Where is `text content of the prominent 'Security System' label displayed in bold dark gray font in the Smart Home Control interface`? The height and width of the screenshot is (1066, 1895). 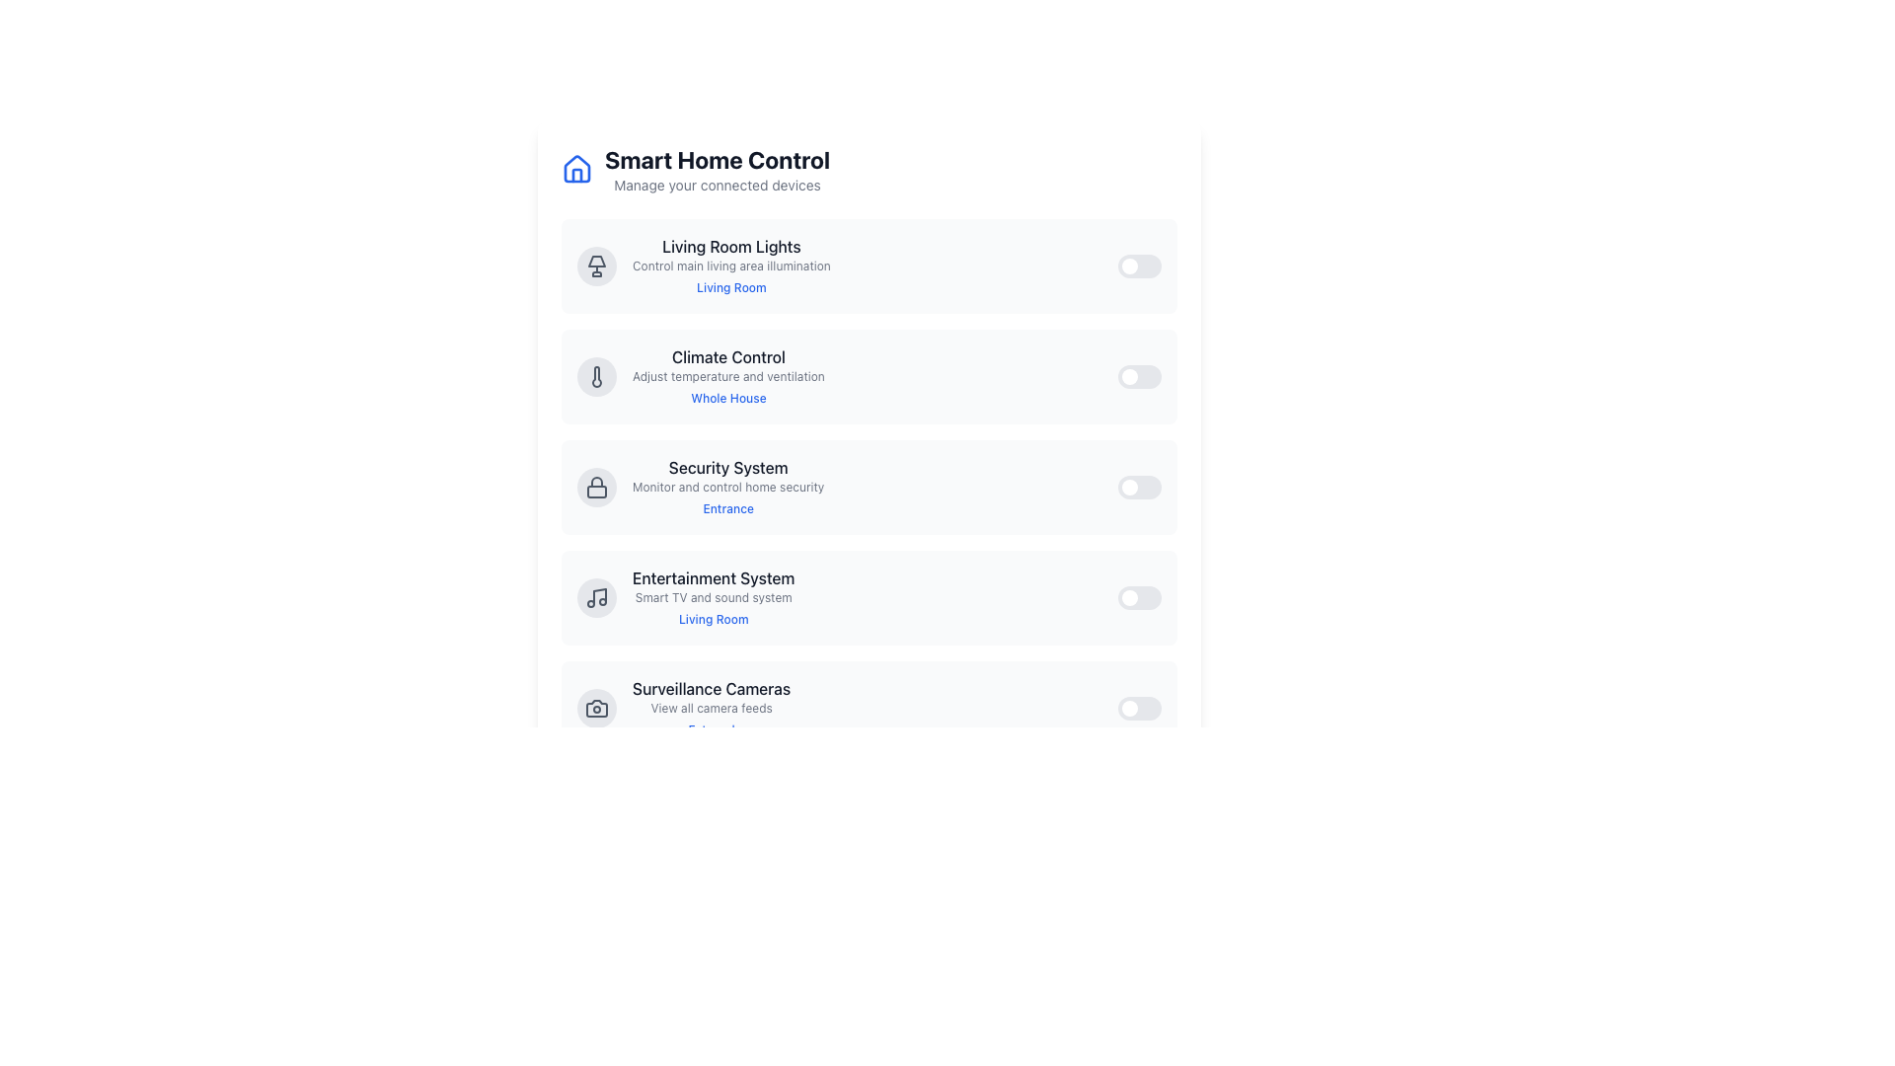
text content of the prominent 'Security System' label displayed in bold dark gray font in the Smart Home Control interface is located at coordinates (727, 468).